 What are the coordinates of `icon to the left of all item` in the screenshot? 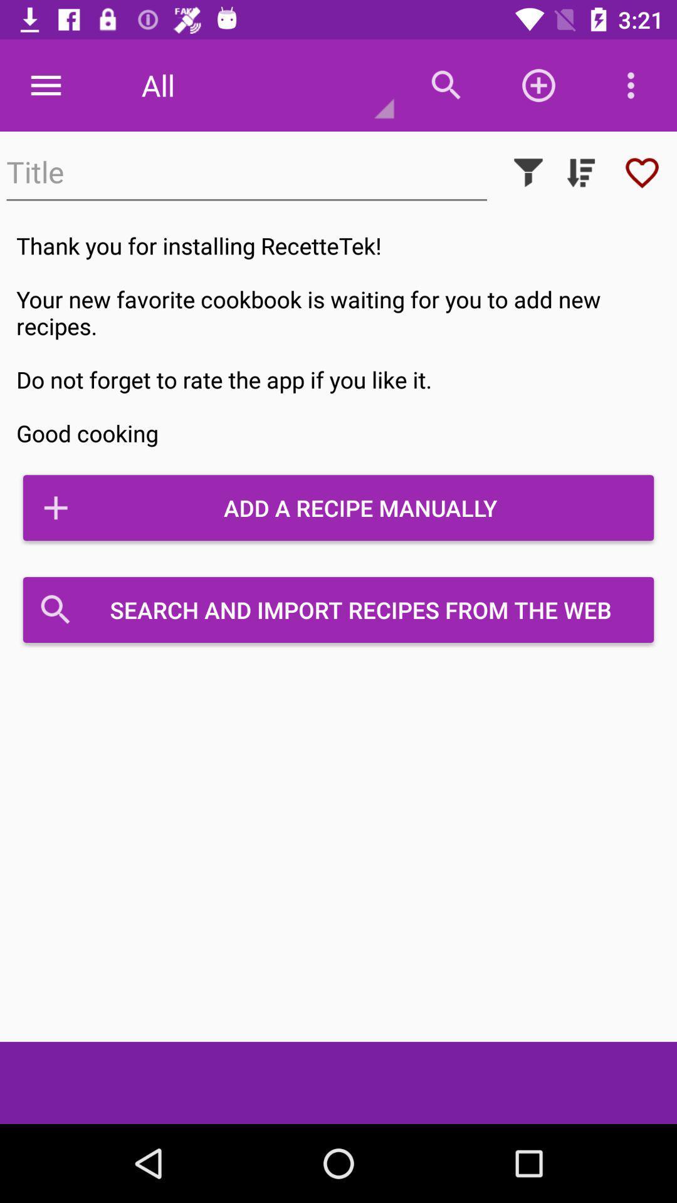 It's located at (45, 85).